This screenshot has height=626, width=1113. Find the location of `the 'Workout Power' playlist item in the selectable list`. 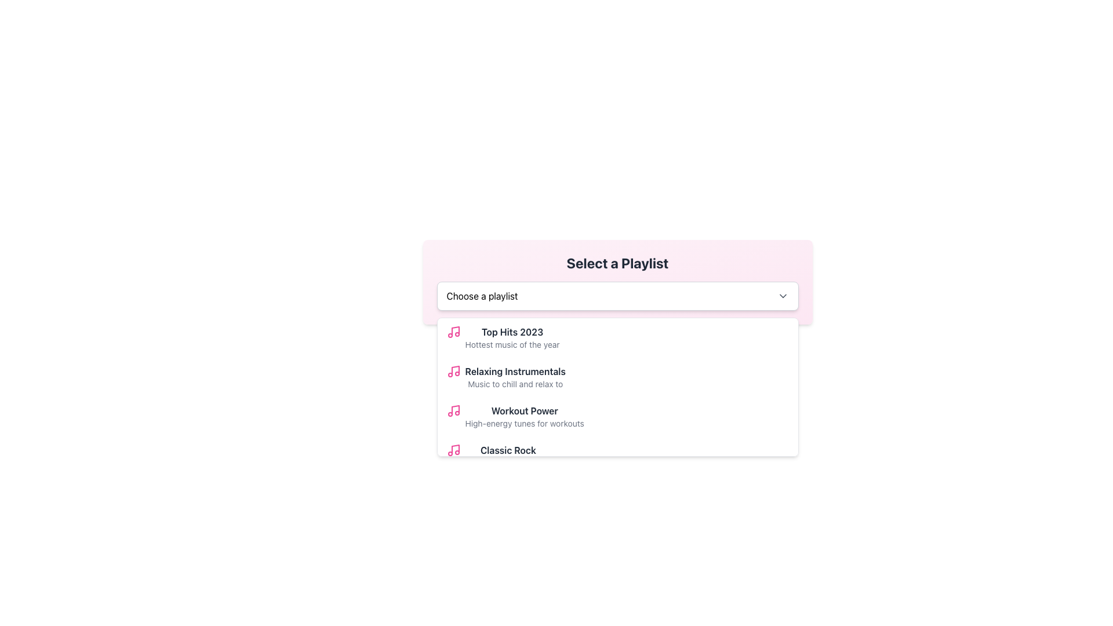

the 'Workout Power' playlist item in the selectable list is located at coordinates (524, 416).